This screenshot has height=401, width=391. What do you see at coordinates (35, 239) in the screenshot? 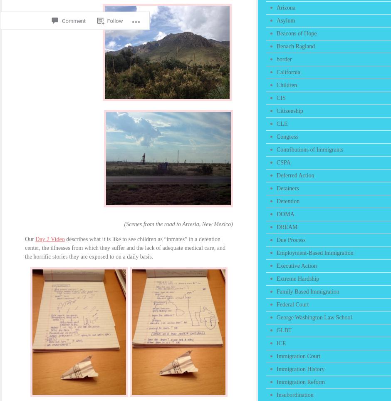
I see `'Day 2 Video'` at bounding box center [35, 239].